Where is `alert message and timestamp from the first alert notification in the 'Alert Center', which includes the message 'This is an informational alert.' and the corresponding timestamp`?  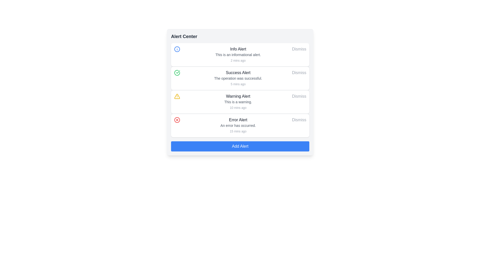
alert message and timestamp from the first alert notification in the 'Alert Center', which includes the message 'This is an informational alert.' and the corresponding timestamp is located at coordinates (240, 55).